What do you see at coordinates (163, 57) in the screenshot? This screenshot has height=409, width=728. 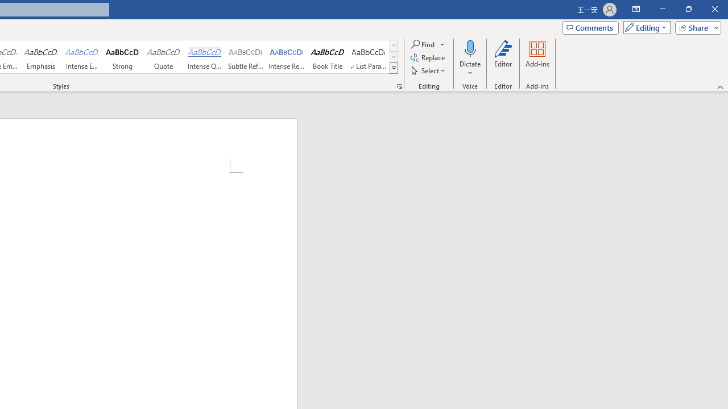 I see `'Quote'` at bounding box center [163, 57].